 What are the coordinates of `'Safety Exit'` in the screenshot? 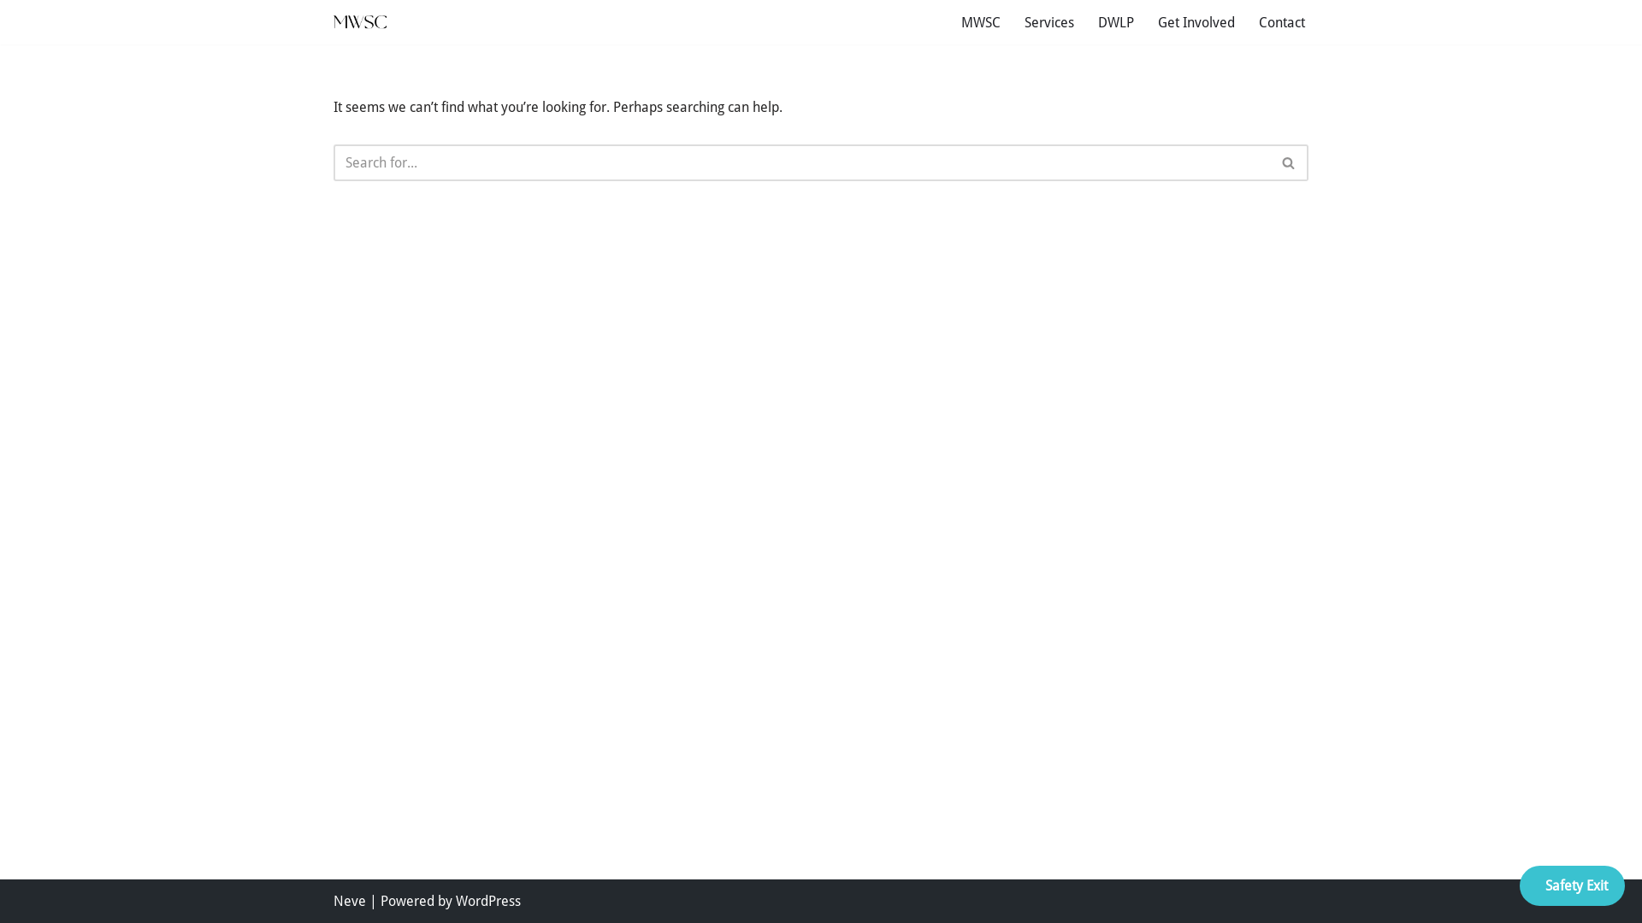 It's located at (1572, 885).